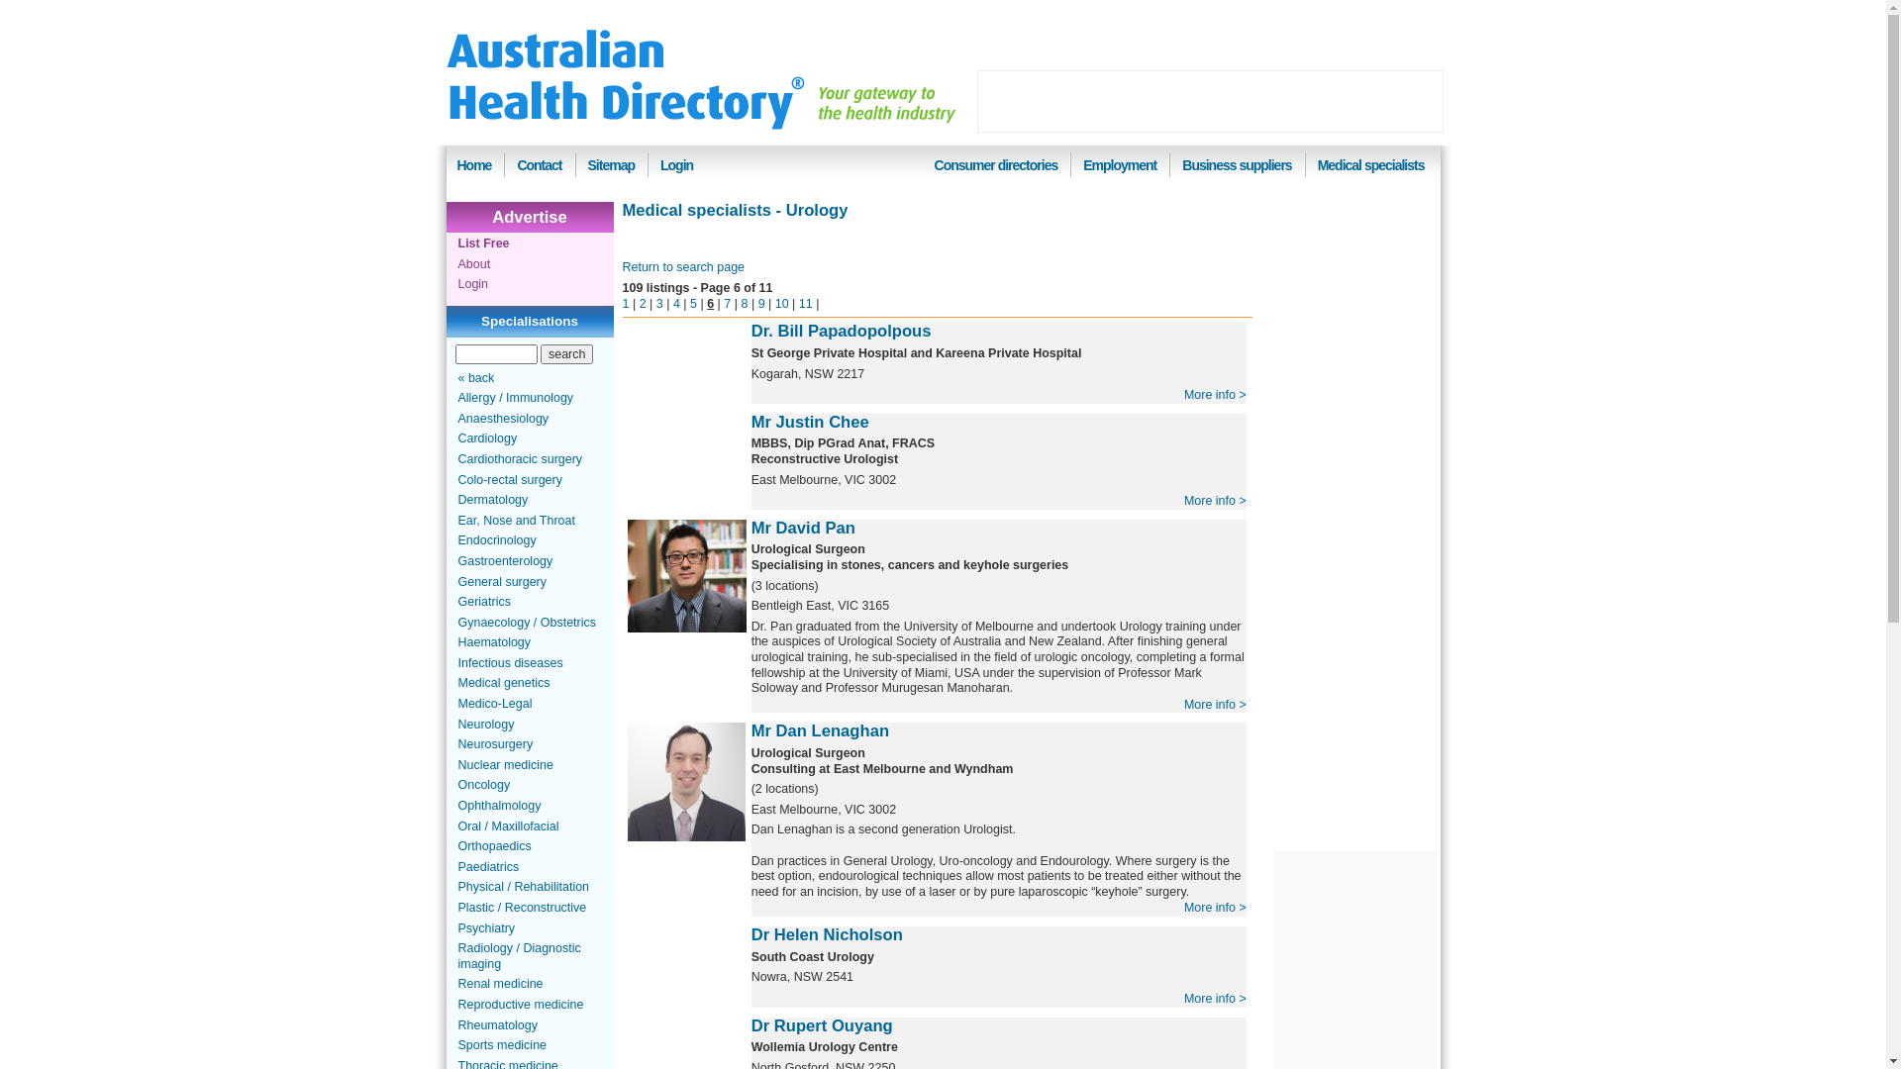 This screenshot has height=1069, width=1901. What do you see at coordinates (1370, 163) in the screenshot?
I see `'Medical specialists'` at bounding box center [1370, 163].